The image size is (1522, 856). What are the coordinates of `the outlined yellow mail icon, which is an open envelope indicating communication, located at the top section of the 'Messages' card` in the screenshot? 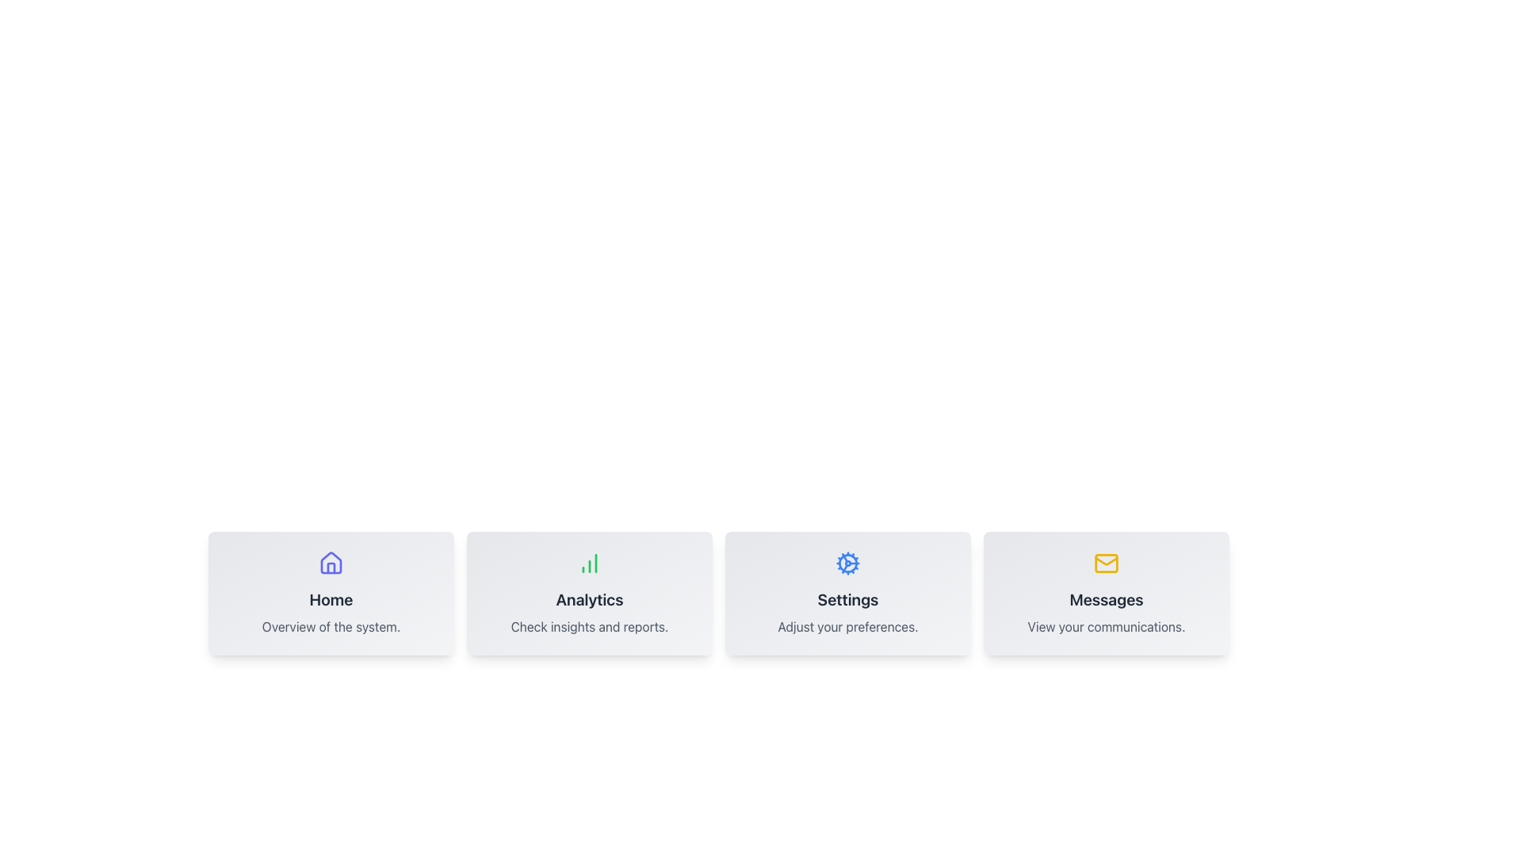 It's located at (1106, 562).